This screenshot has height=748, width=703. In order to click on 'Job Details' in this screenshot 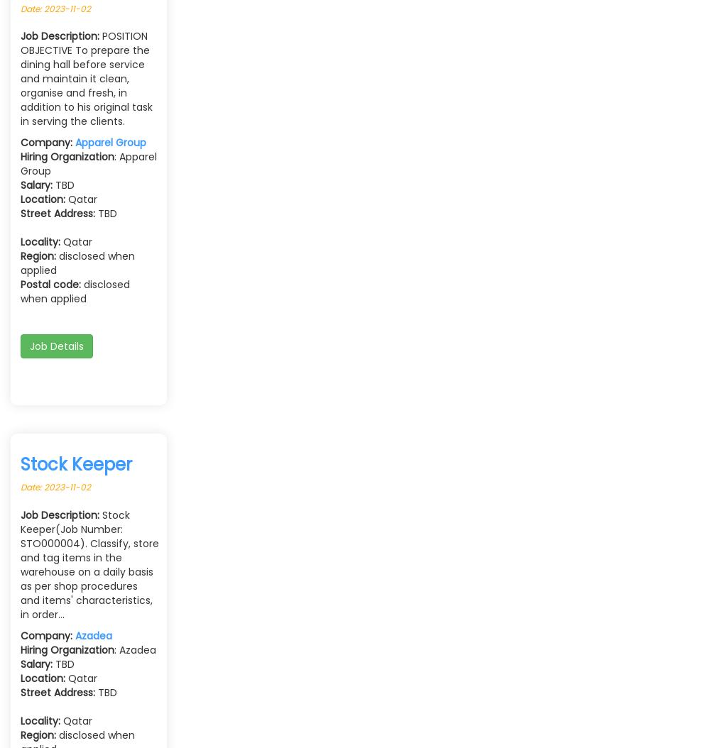, I will do `click(56, 346)`.